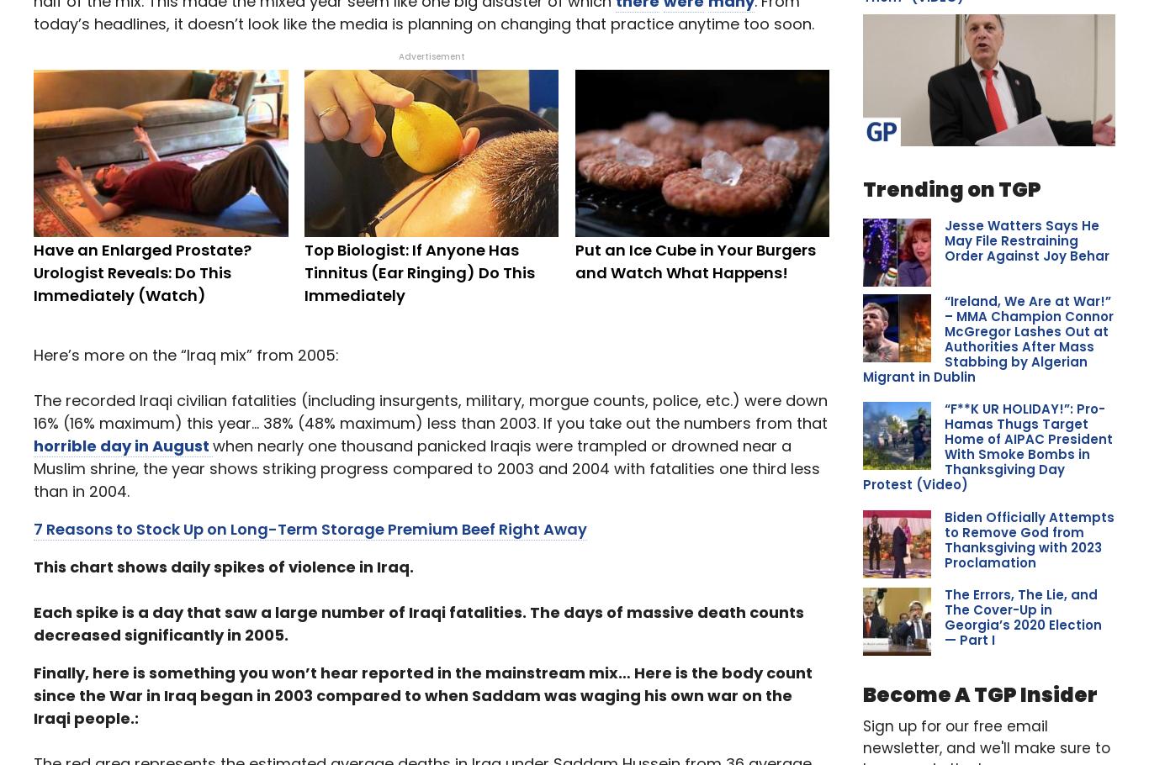 This screenshot has height=765, width=1149. I want to click on 'Home', so click(781, 742).